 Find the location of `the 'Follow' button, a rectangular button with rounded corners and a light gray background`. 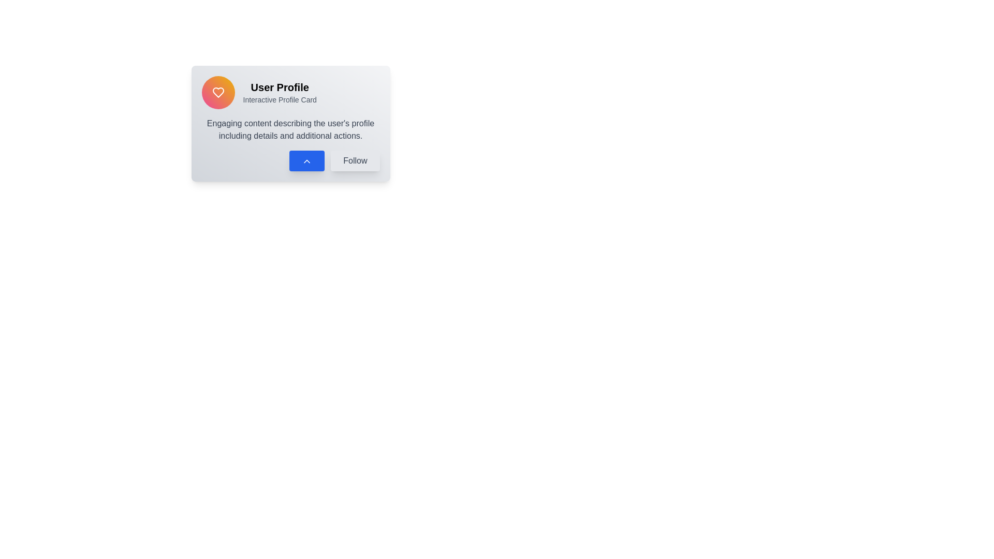

the 'Follow' button, a rectangular button with rounded corners and a light gray background is located at coordinates (355, 161).